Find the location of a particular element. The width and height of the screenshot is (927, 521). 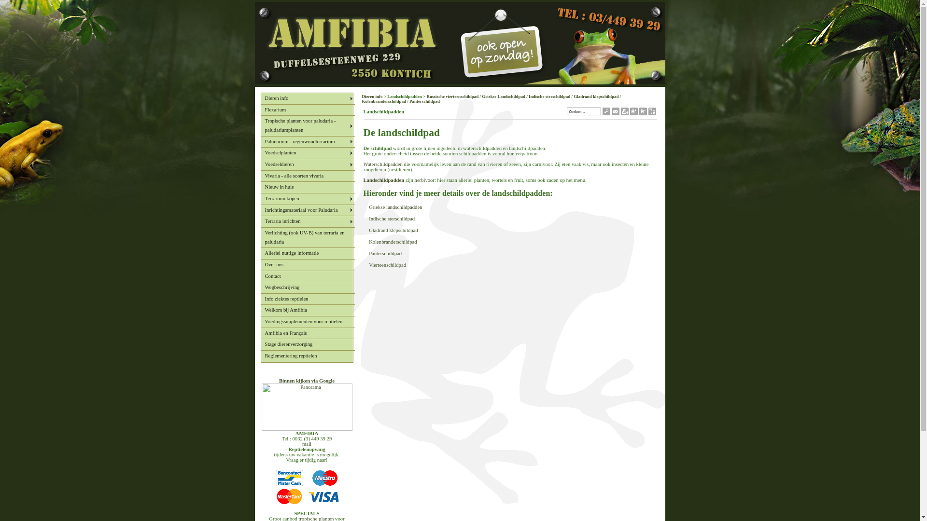

'Voedselplanten' is located at coordinates (260, 152).